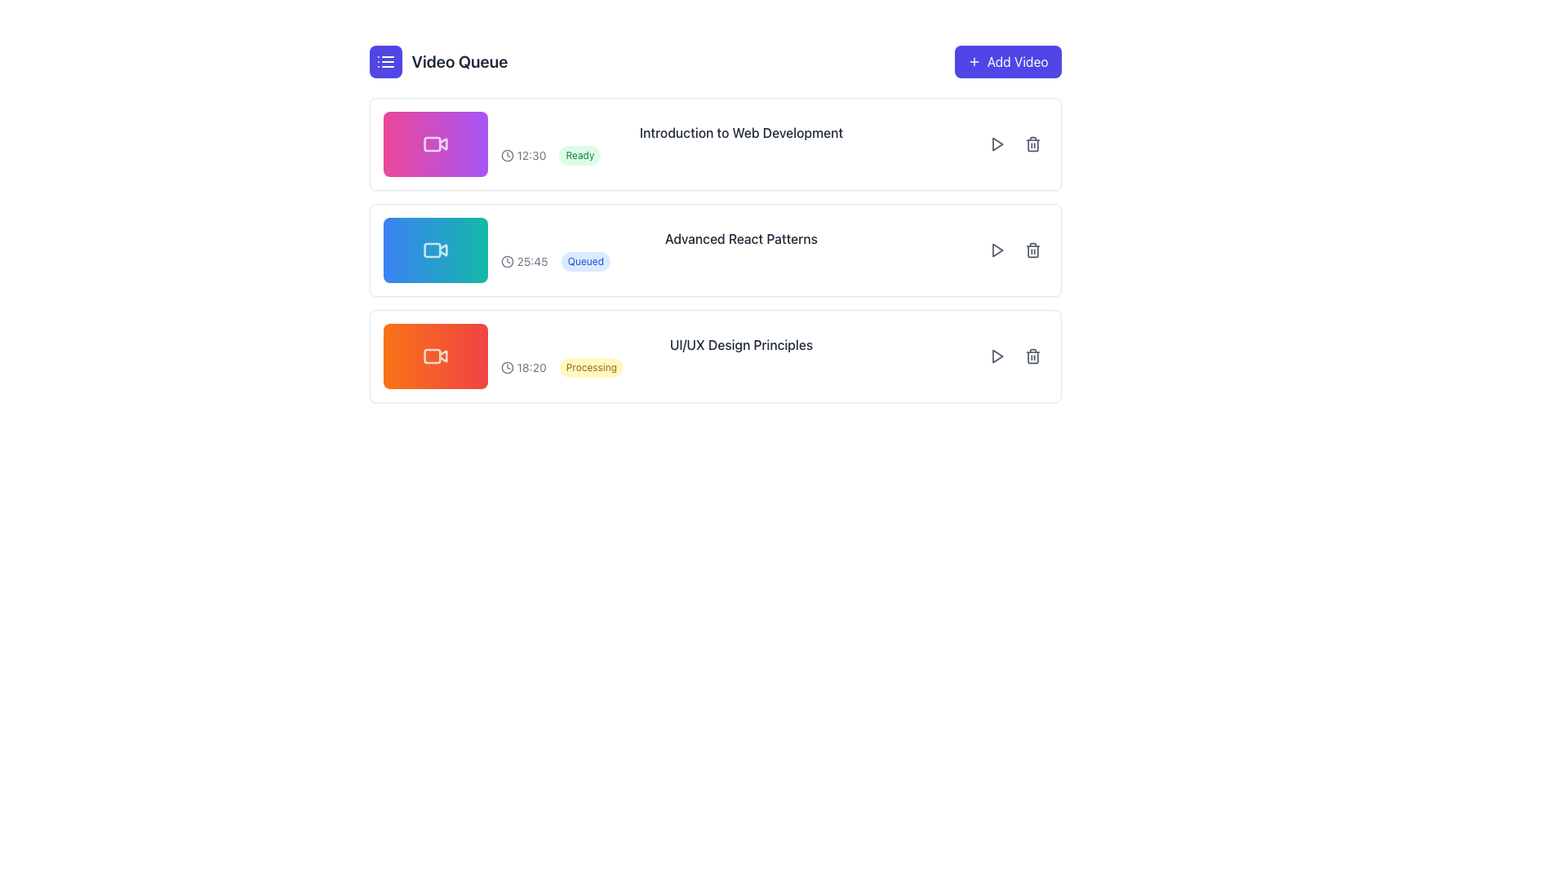 The image size is (1567, 881). I want to click on the 'Video Queue' text label, which displays prominently in bold dark gray, located in the top-left section of the interface, so click(459, 61).